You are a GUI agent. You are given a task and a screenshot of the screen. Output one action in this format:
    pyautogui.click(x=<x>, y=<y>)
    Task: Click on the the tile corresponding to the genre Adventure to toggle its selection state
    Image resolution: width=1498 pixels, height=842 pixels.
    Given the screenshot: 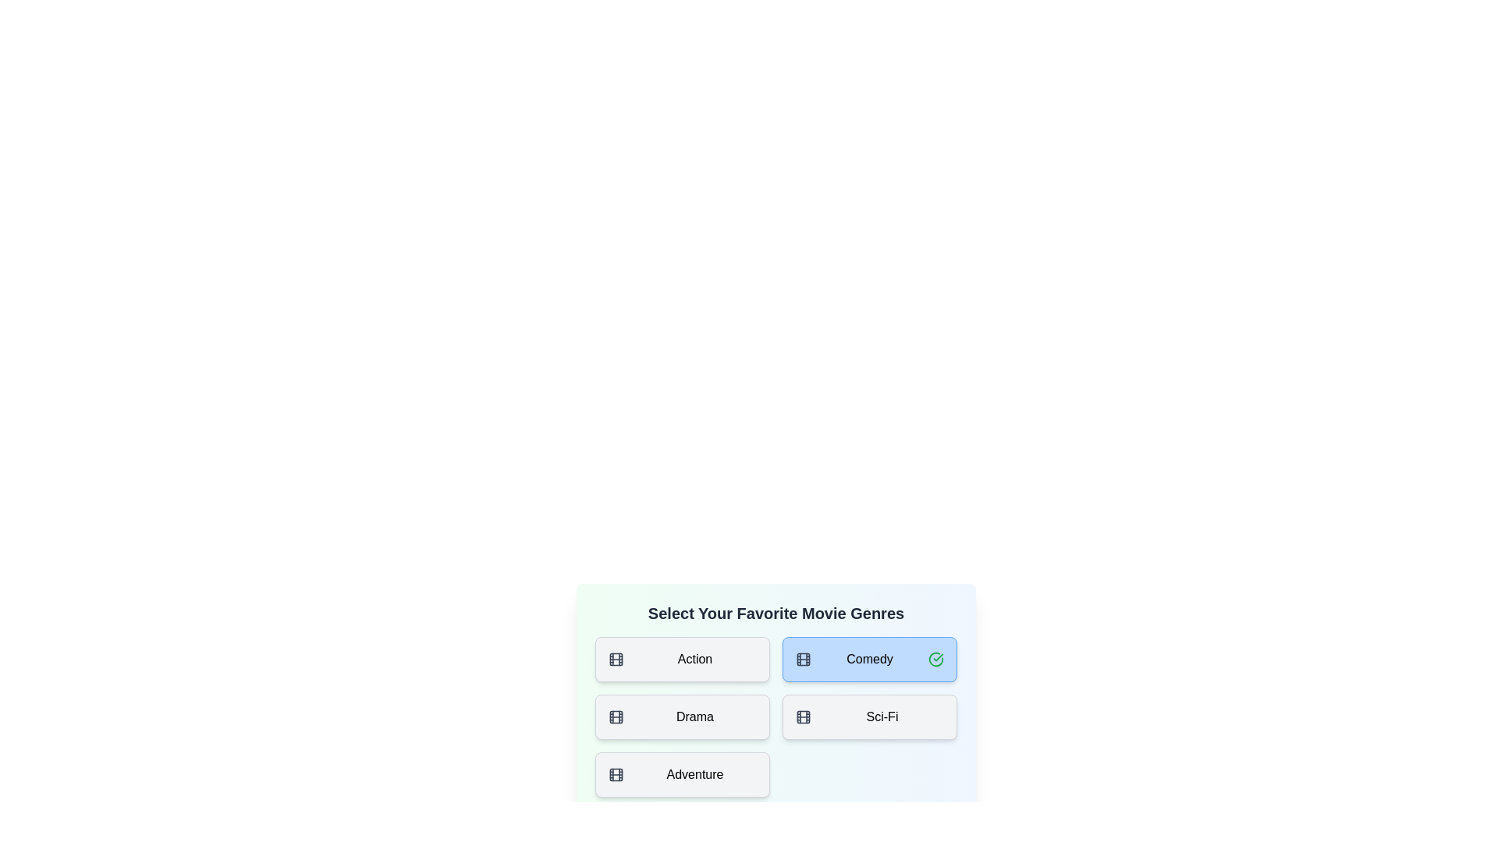 What is the action you would take?
    pyautogui.click(x=682, y=775)
    